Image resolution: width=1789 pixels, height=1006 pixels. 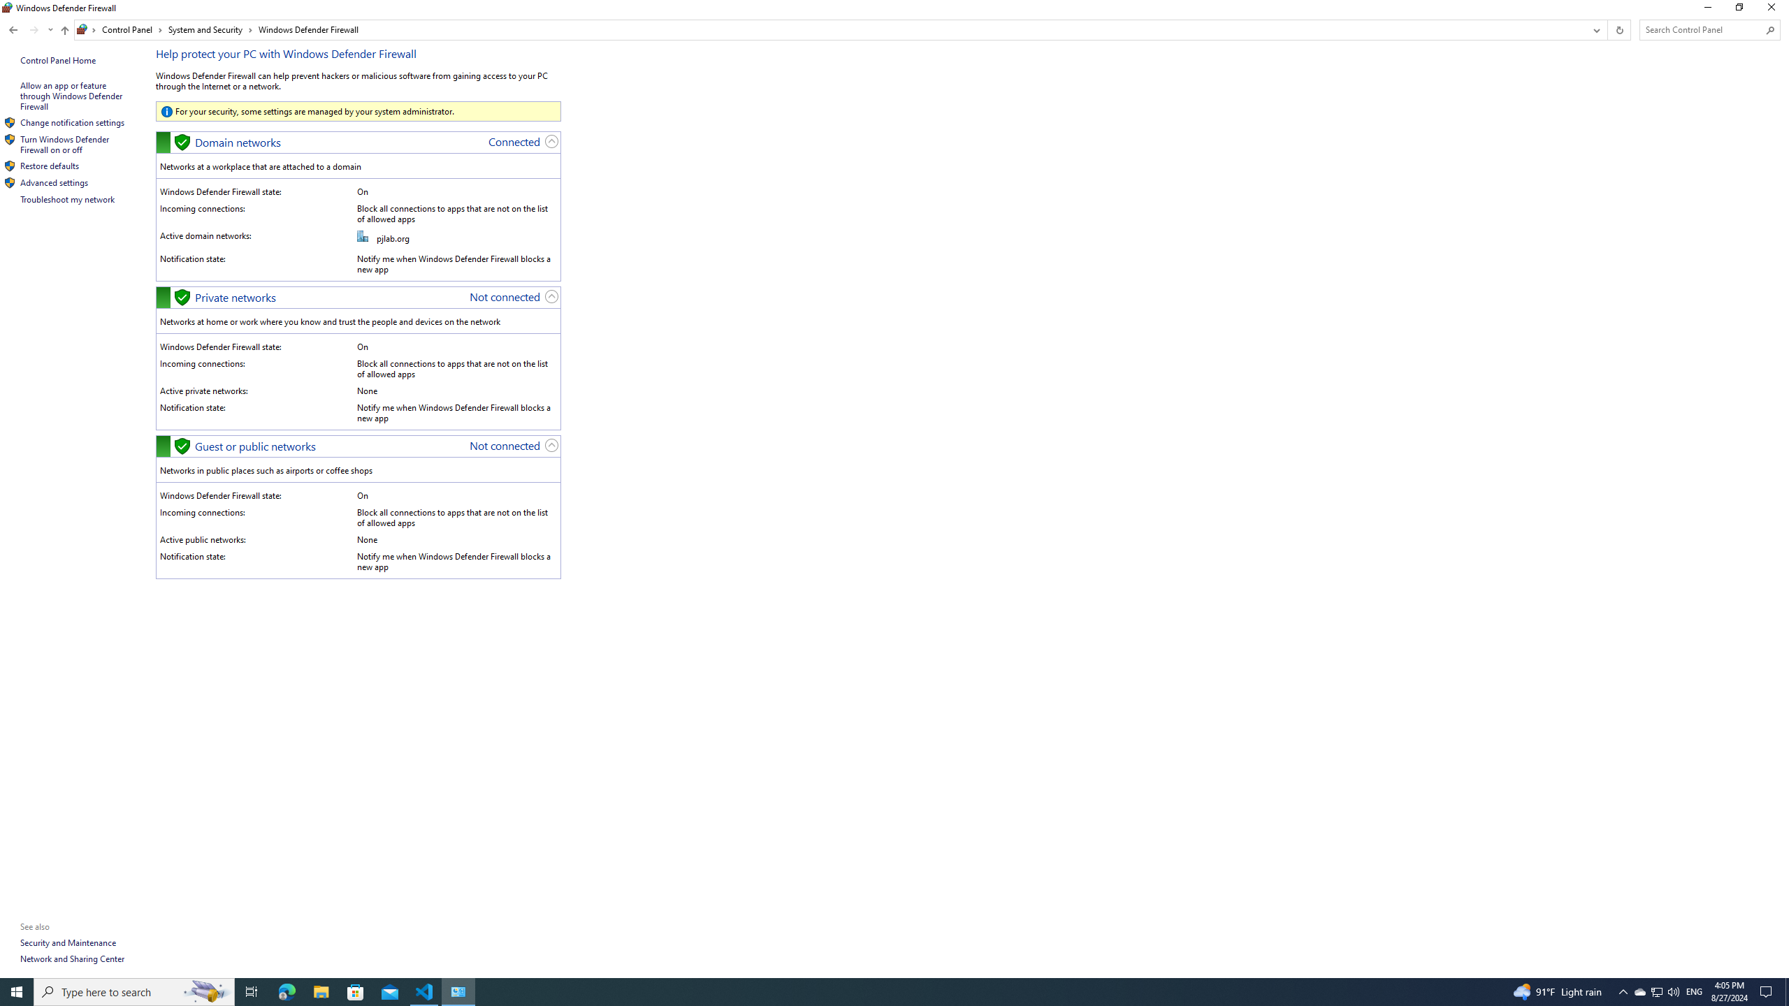 I want to click on 'Restore defaults', so click(x=49, y=166).